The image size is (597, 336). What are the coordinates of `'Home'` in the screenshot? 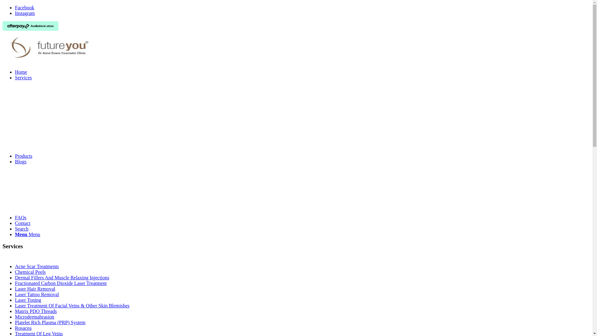 It's located at (21, 72).